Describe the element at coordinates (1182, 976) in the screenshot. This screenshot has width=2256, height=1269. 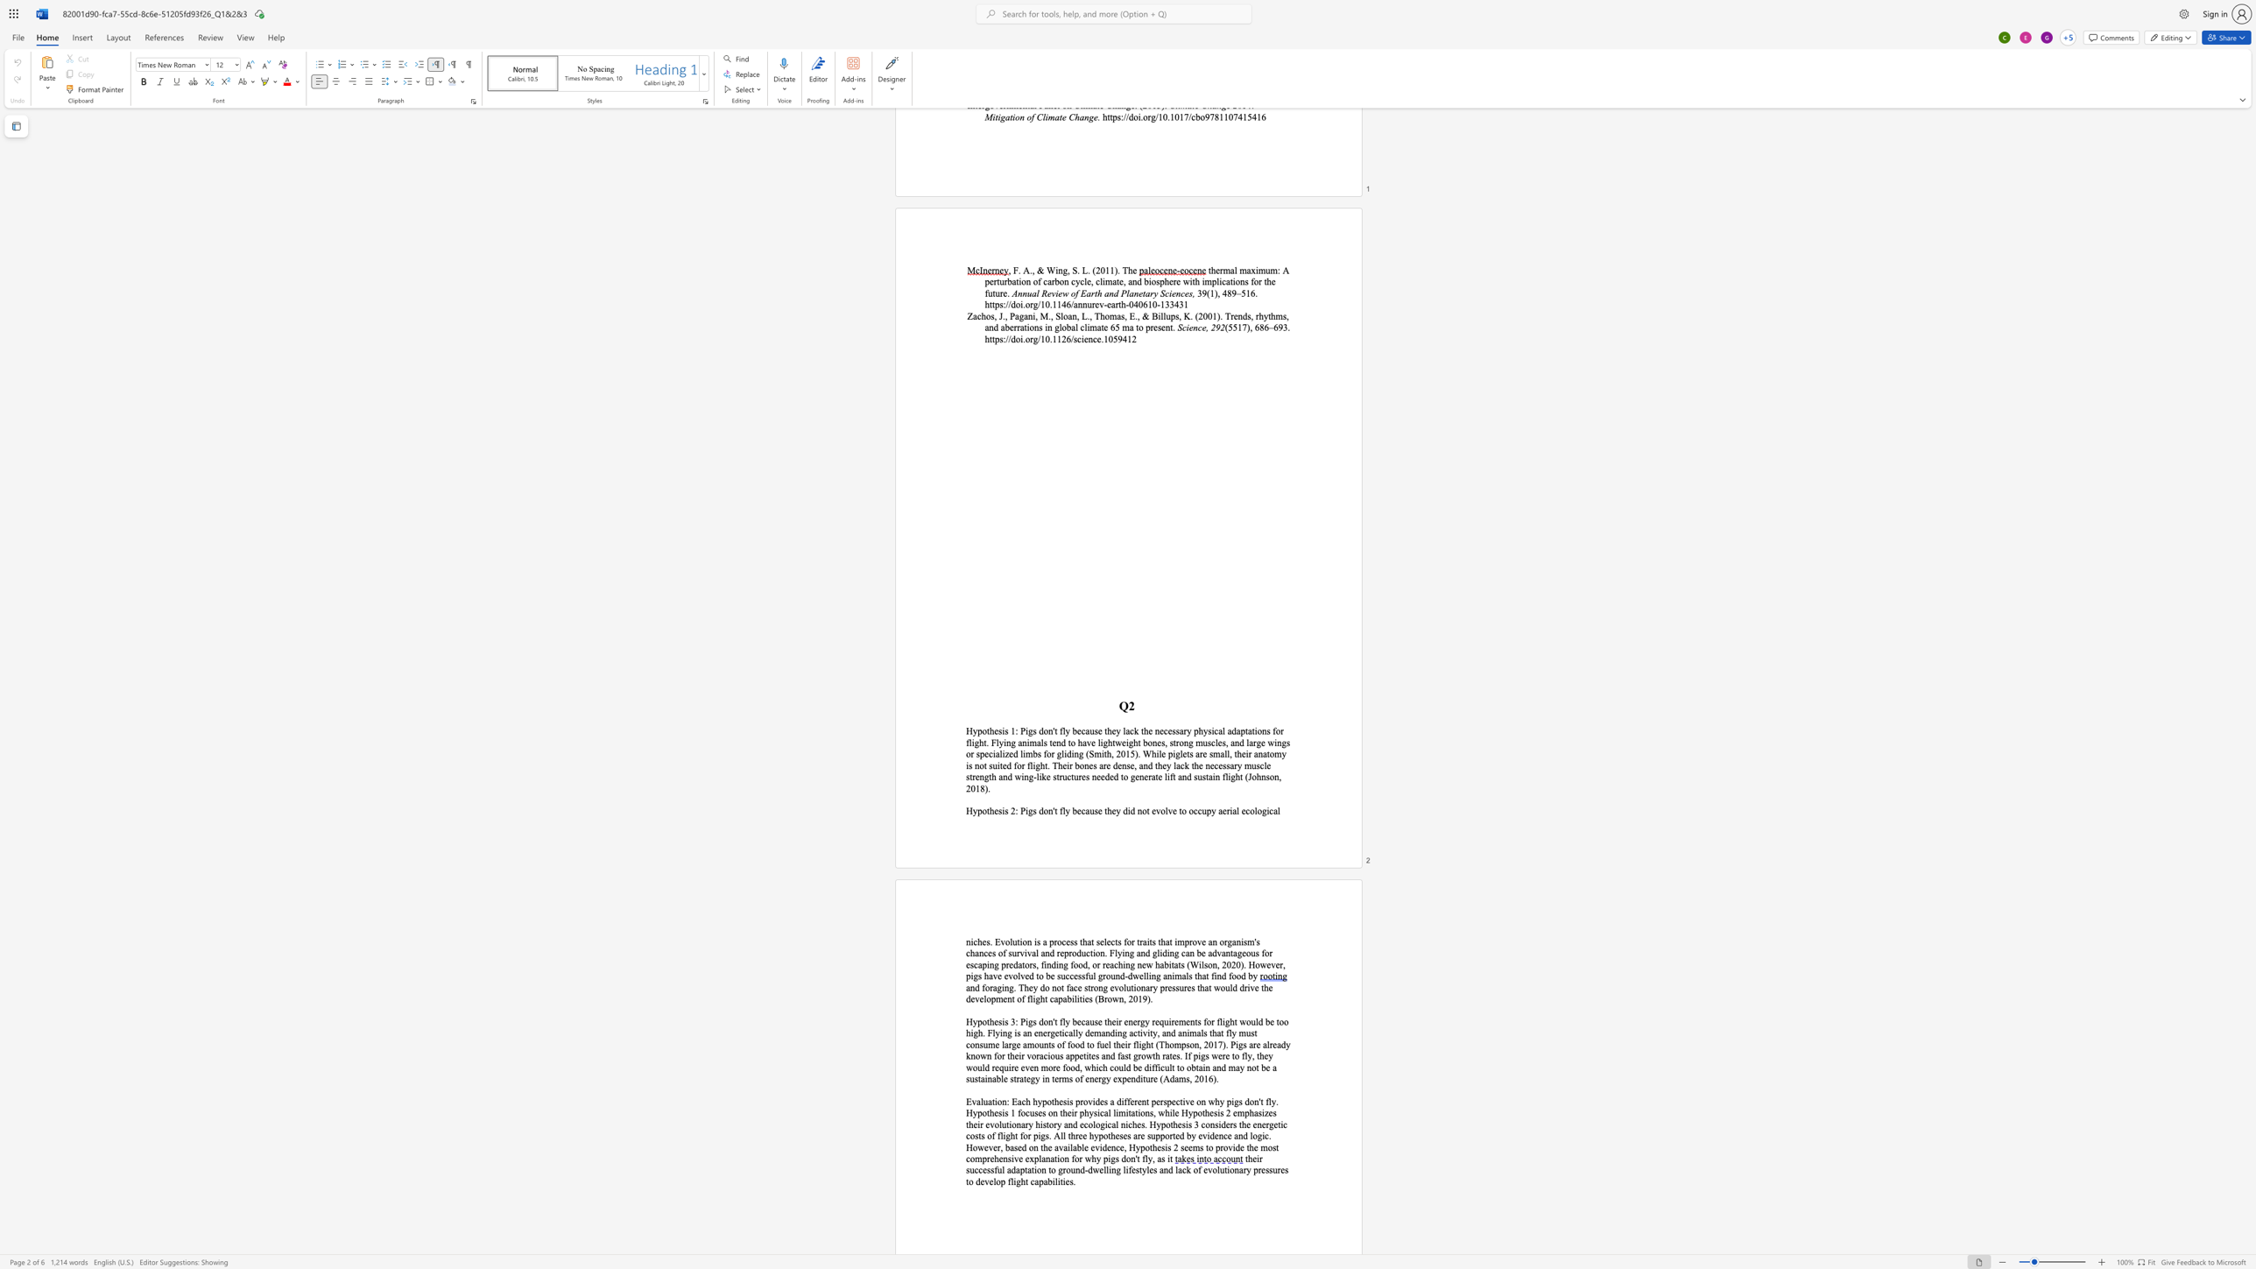
I see `the 8th character "a" in the text` at that location.